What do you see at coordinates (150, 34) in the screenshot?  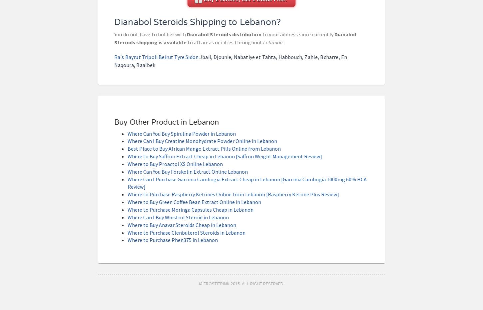 I see `'You do not have to bother with'` at bounding box center [150, 34].